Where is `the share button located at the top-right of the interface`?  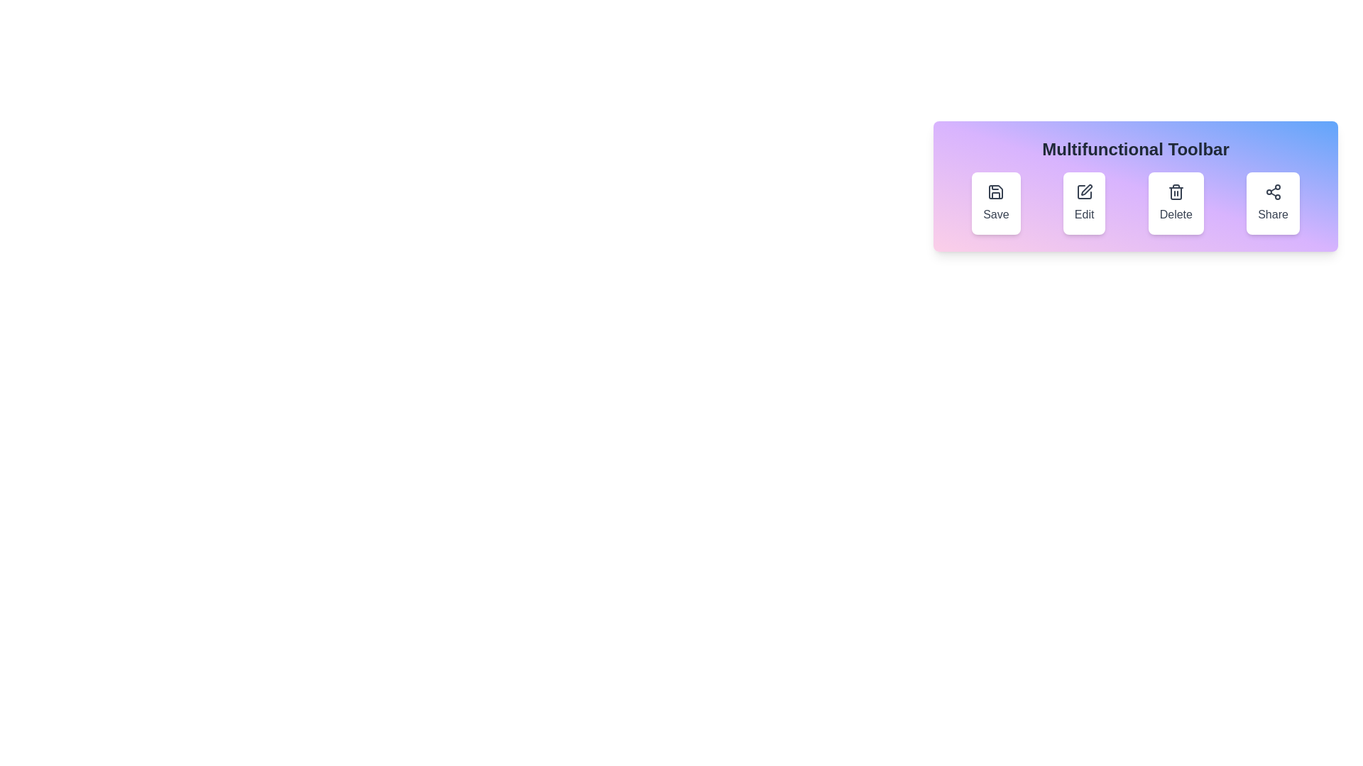
the share button located at the top-right of the interface is located at coordinates (1273, 203).